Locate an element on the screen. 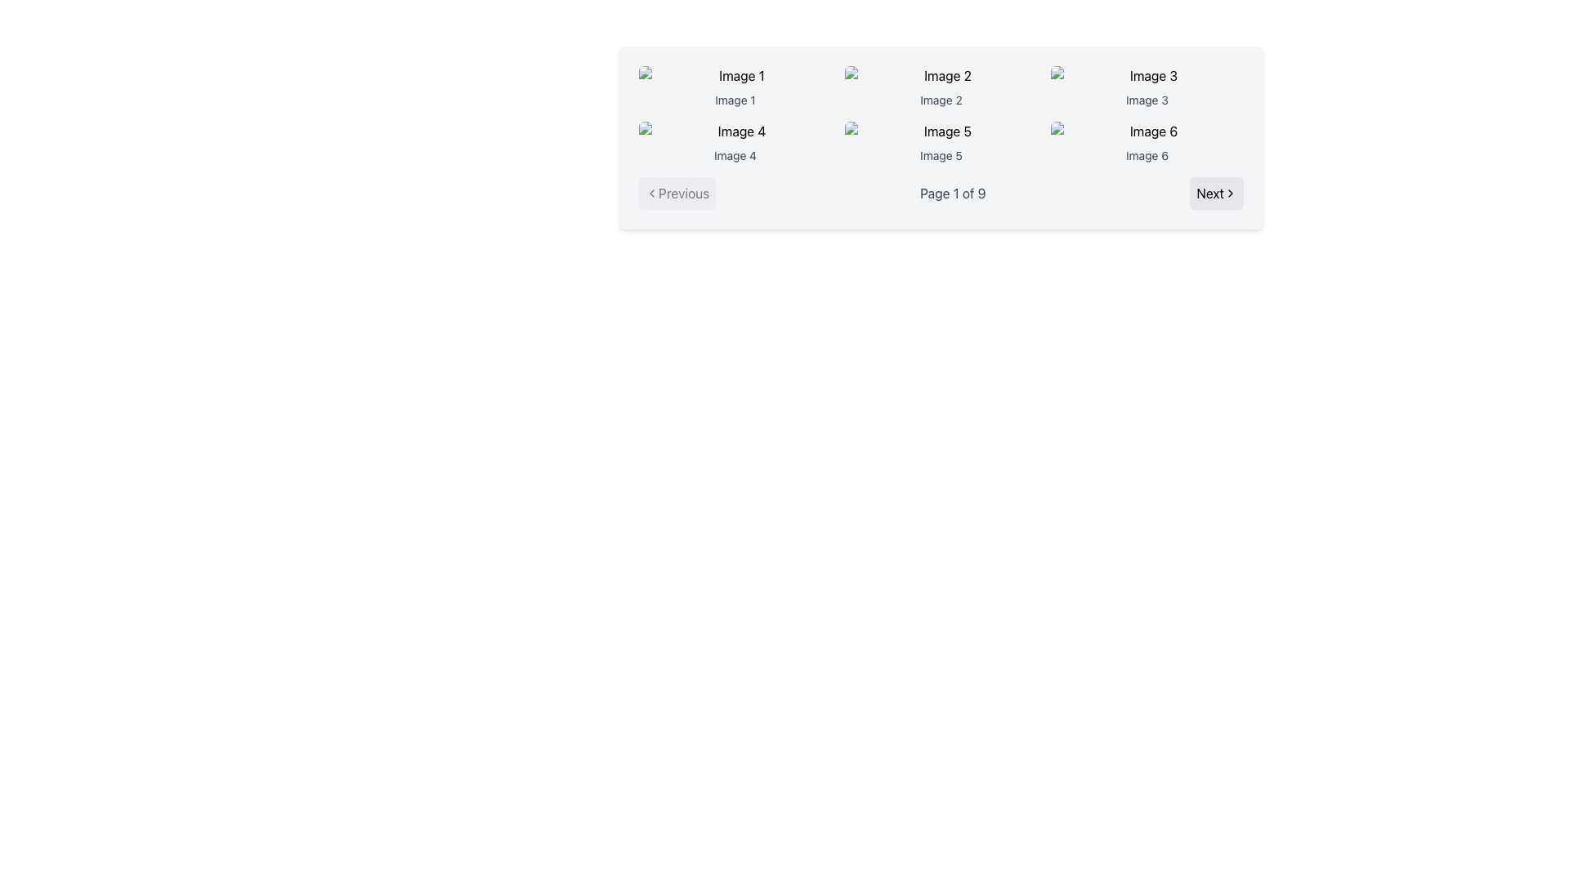 The height and width of the screenshot is (882, 1569). the 'Previous' button with a gray background and rounded corners located in the pagination bar at the bottom of the interface is located at coordinates (677, 192).